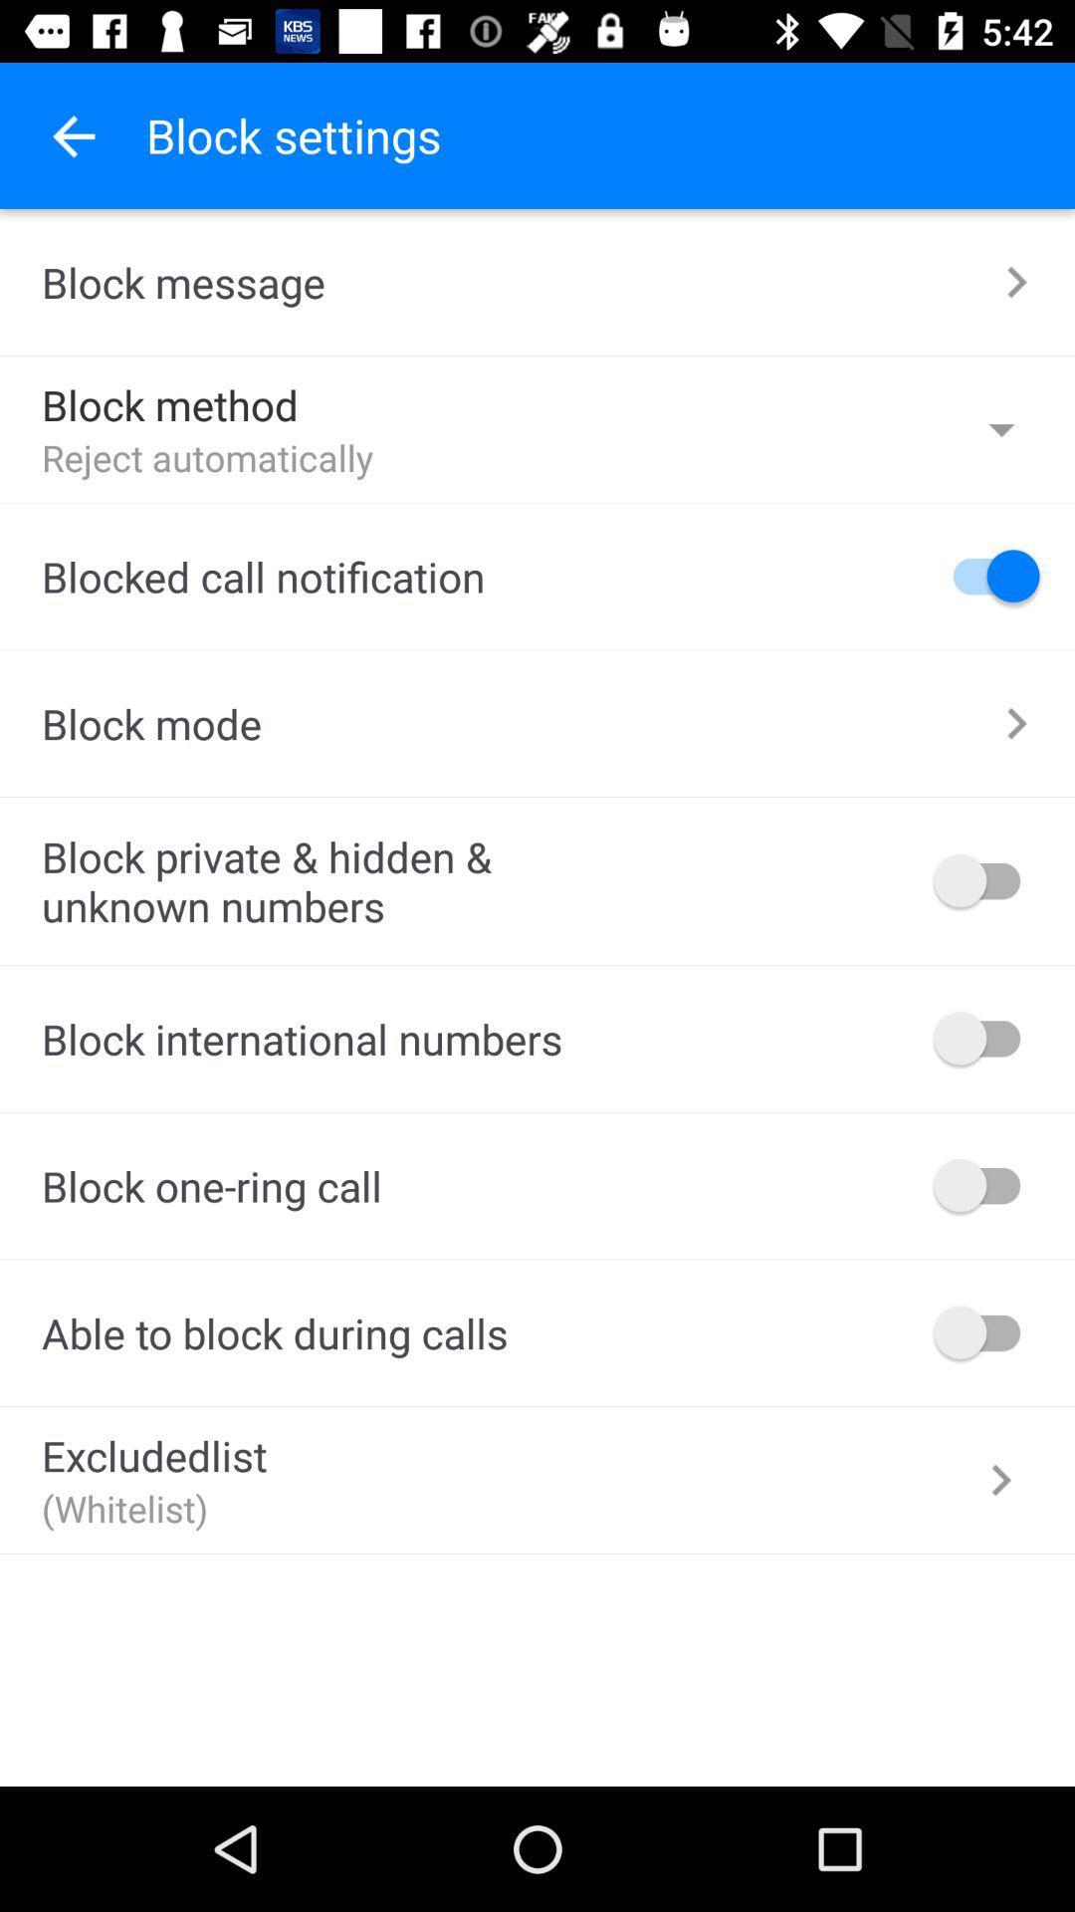  Describe the element at coordinates (986, 1037) in the screenshot. I see `block settings for international numbers` at that location.